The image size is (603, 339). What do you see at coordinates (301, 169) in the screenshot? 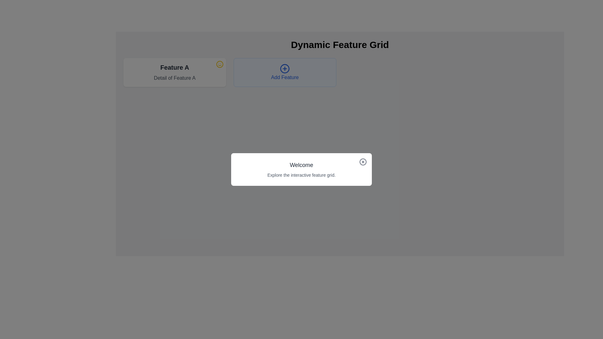
I see `the modal dialog with the heading 'Welcome' that contains the text 'Explore the interactive feature grid.'` at bounding box center [301, 169].